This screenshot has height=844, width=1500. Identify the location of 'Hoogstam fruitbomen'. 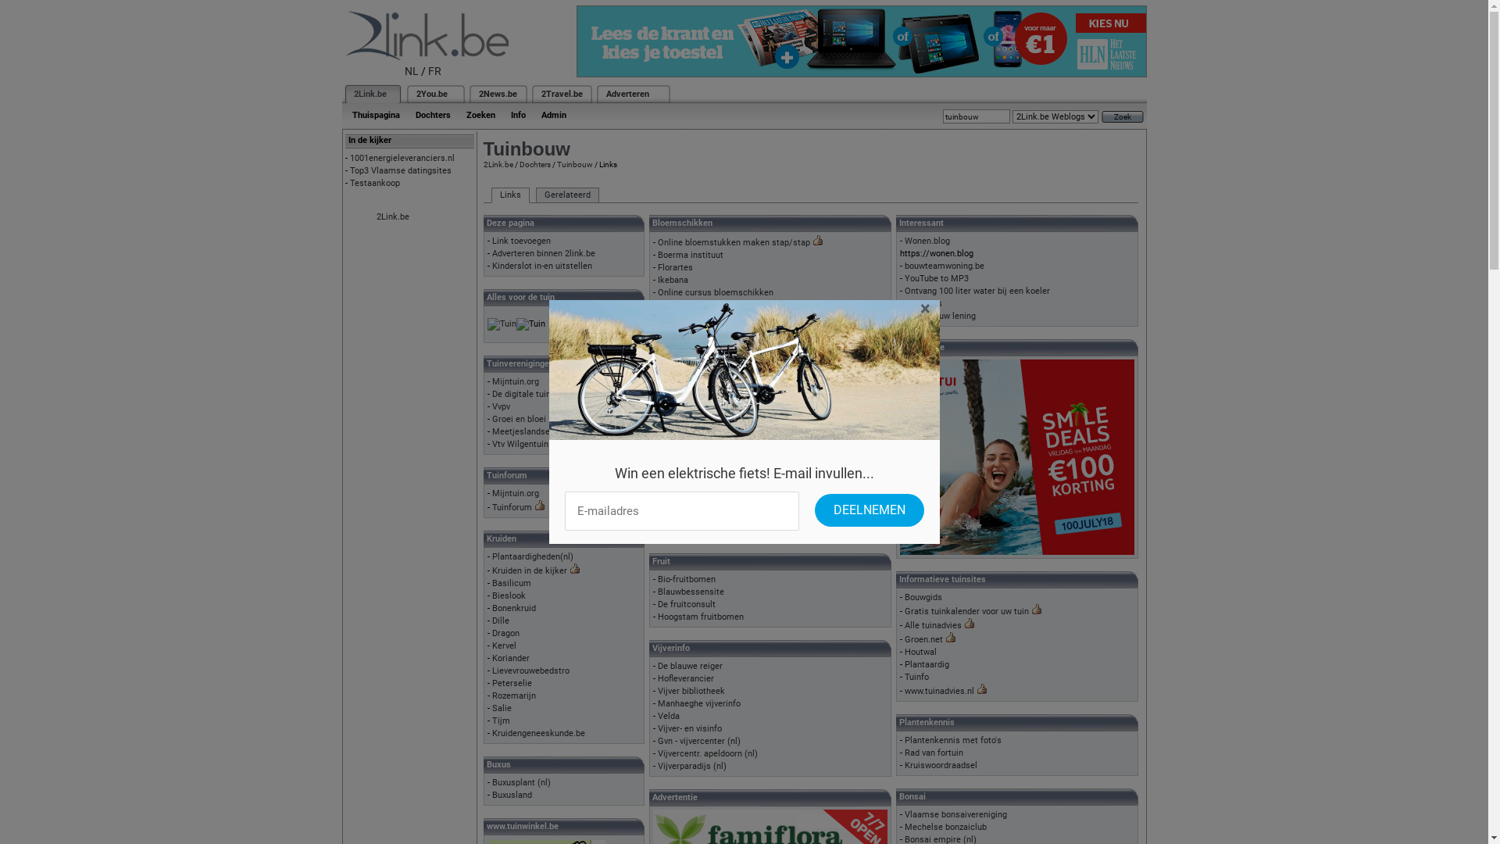
(700, 616).